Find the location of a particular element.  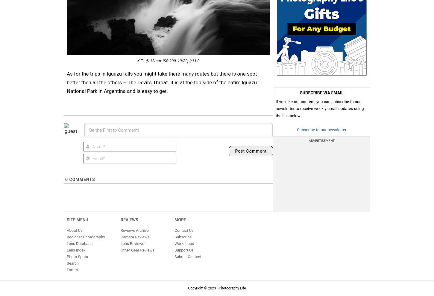

'Lens Index' is located at coordinates (66, 249).